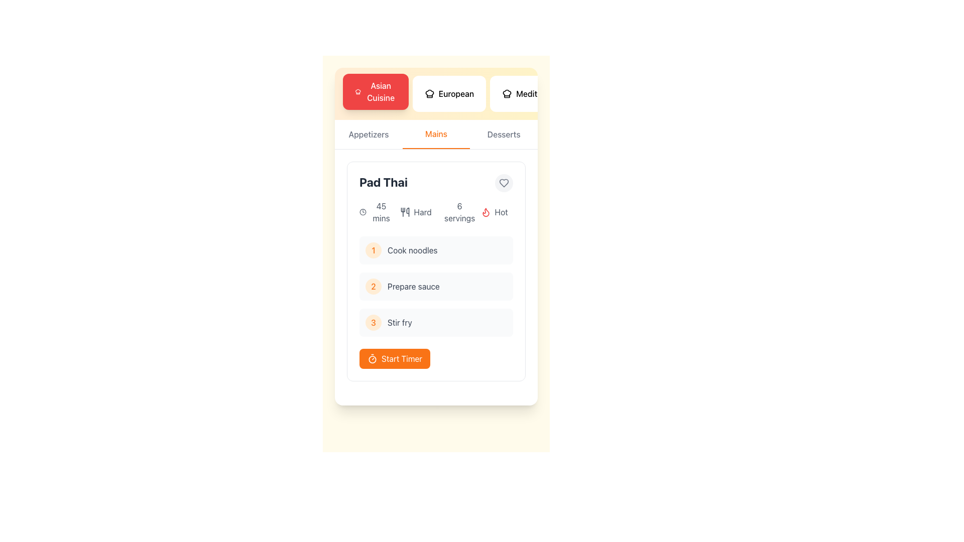 This screenshot has width=964, height=542. Describe the element at coordinates (372, 358) in the screenshot. I see `the circular timer icon, which is part of the 'Start Timer' button located at the bottom of the 'Pad Thai' recipe card` at that location.